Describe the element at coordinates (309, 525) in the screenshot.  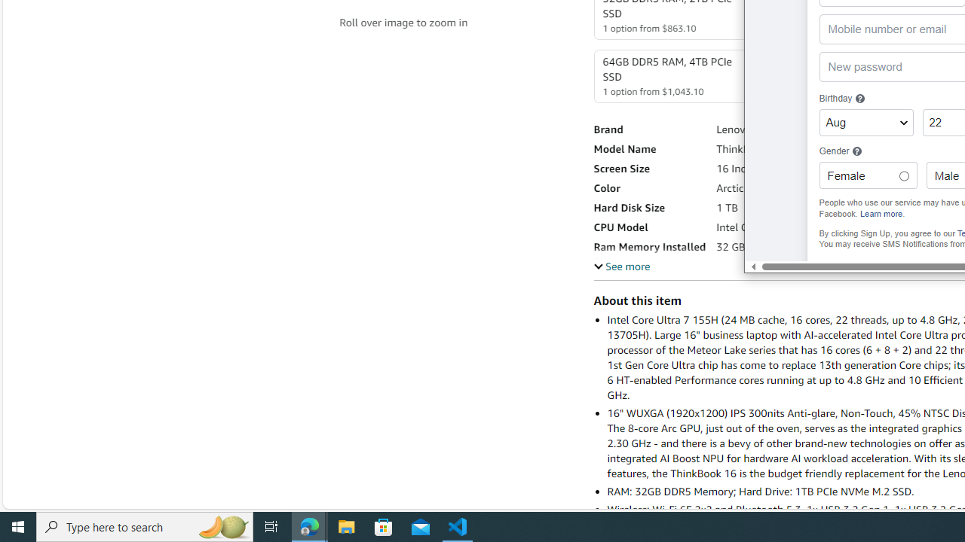
I see `'Microsoft Edge - 2 running windows'` at that location.